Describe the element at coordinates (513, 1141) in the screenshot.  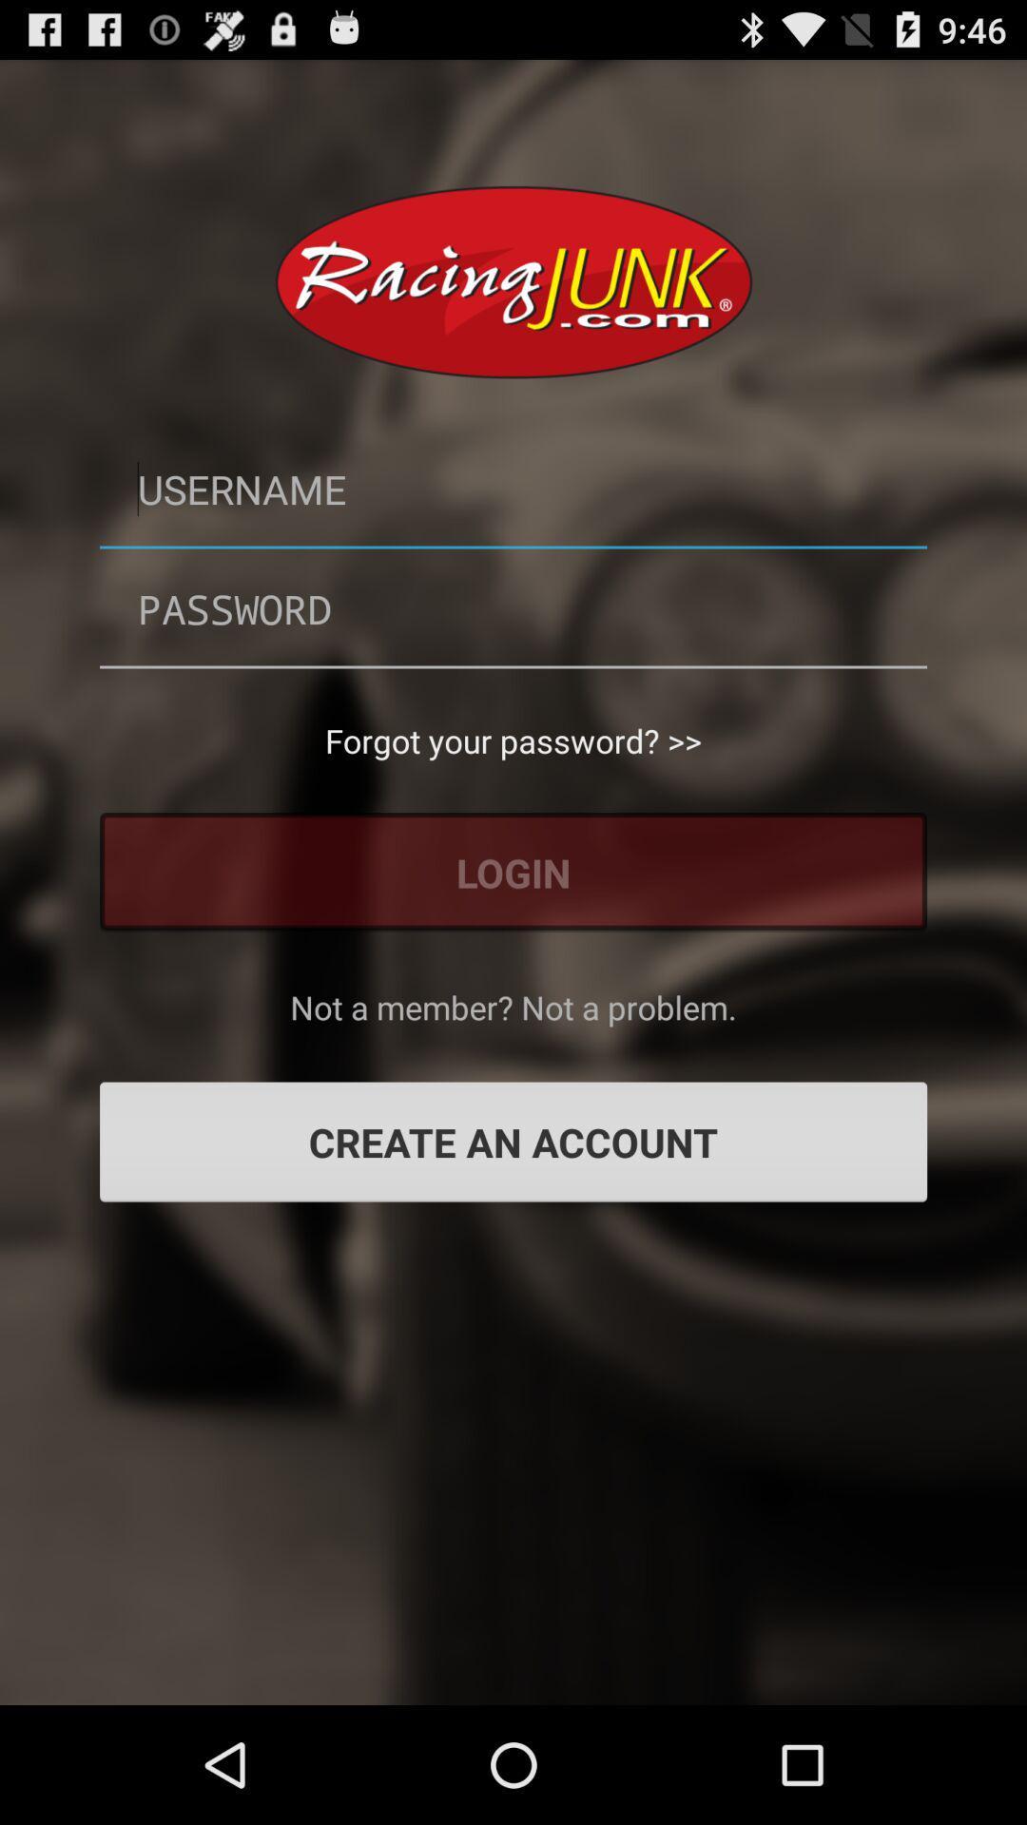
I see `item below the not a member` at that location.